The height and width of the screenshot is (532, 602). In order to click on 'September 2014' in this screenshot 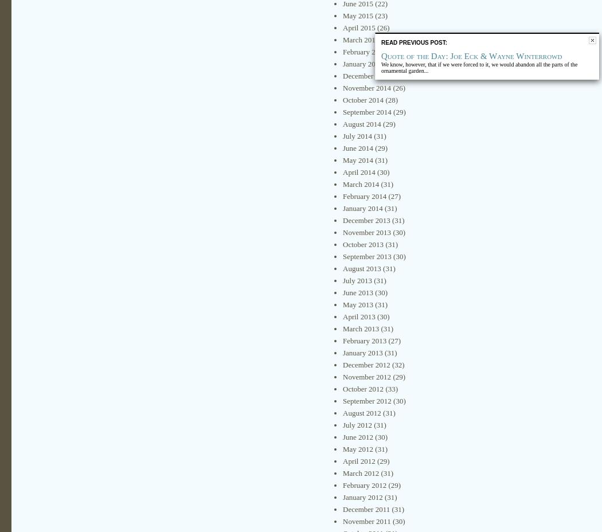, I will do `click(366, 112)`.